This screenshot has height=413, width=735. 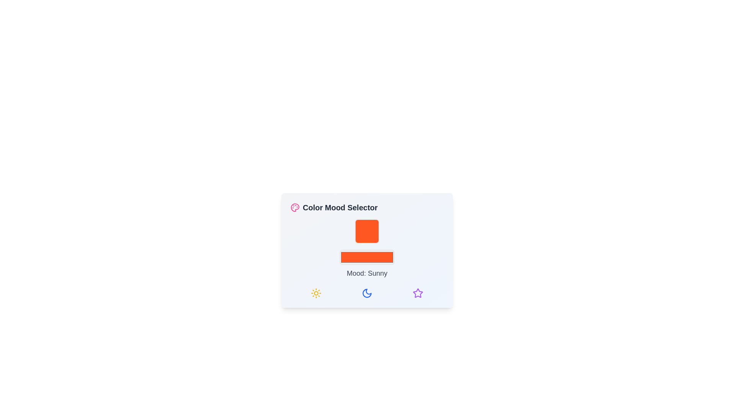 I want to click on the color palette icon located in the top-left corner of the header of the 'Color Mood Selector' card interface, so click(x=295, y=208).